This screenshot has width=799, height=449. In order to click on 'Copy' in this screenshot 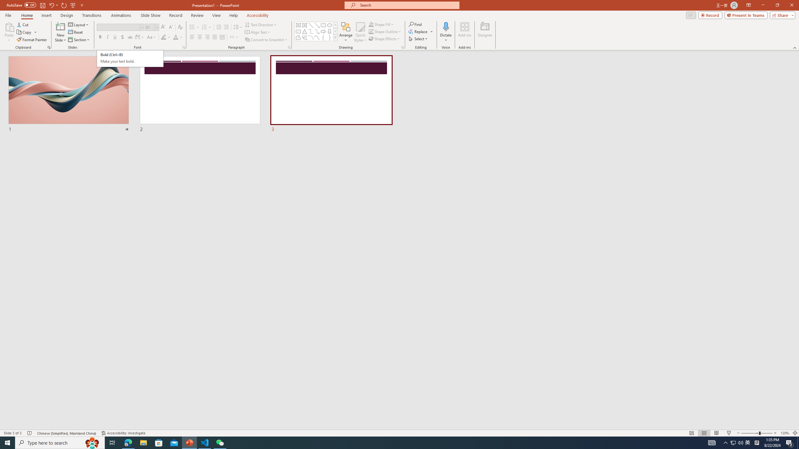, I will do `click(24, 32)`.